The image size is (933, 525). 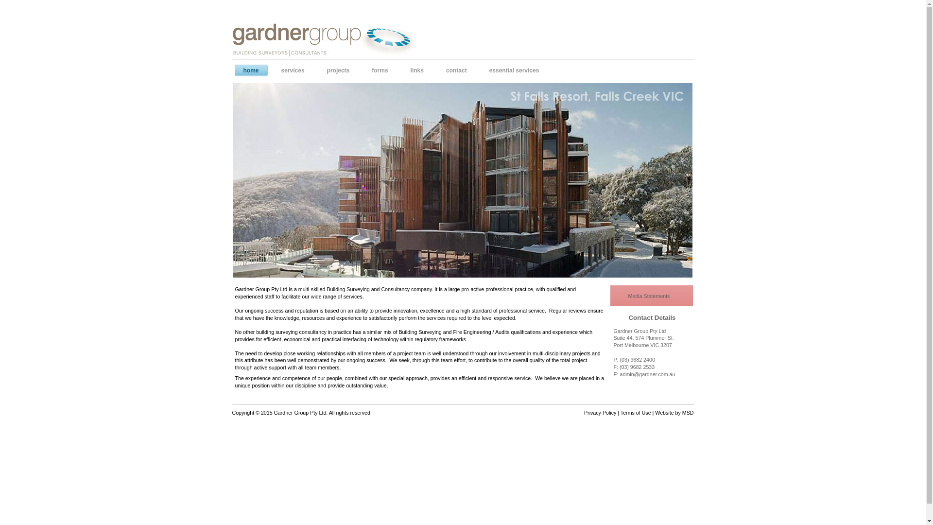 I want to click on 'home', so click(x=253, y=70).